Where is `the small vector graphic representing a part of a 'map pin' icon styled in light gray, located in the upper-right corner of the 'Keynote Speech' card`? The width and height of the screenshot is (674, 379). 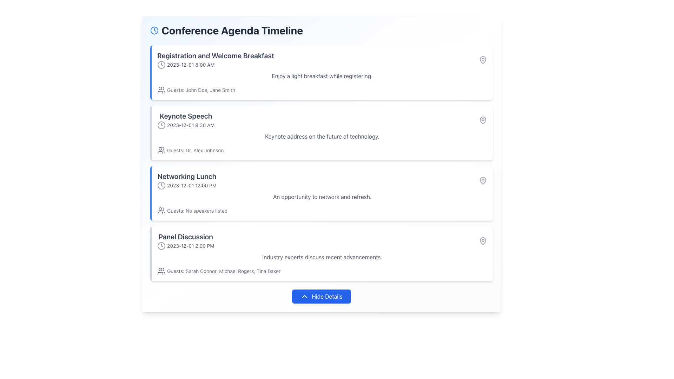 the small vector graphic representing a part of a 'map pin' icon styled in light gray, located in the upper-right corner of the 'Keynote Speech' card is located at coordinates (483, 120).